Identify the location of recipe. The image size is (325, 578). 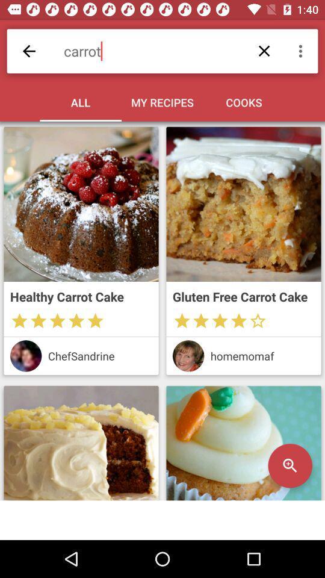
(244, 204).